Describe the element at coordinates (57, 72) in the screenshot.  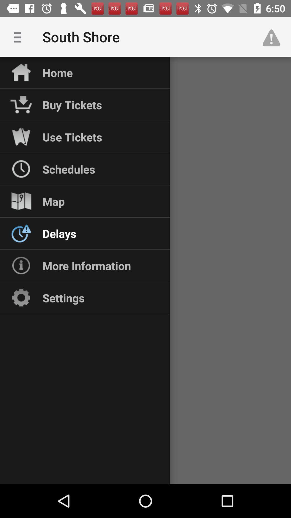
I see `the home` at that location.